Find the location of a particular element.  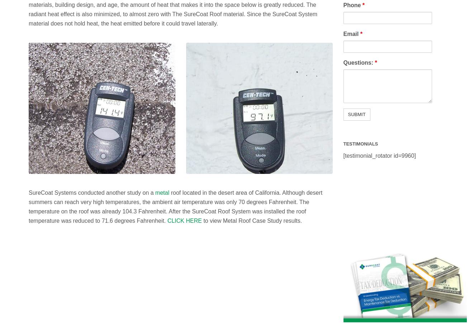

'SureCoat Systems conducted another study on a' is located at coordinates (91, 192).